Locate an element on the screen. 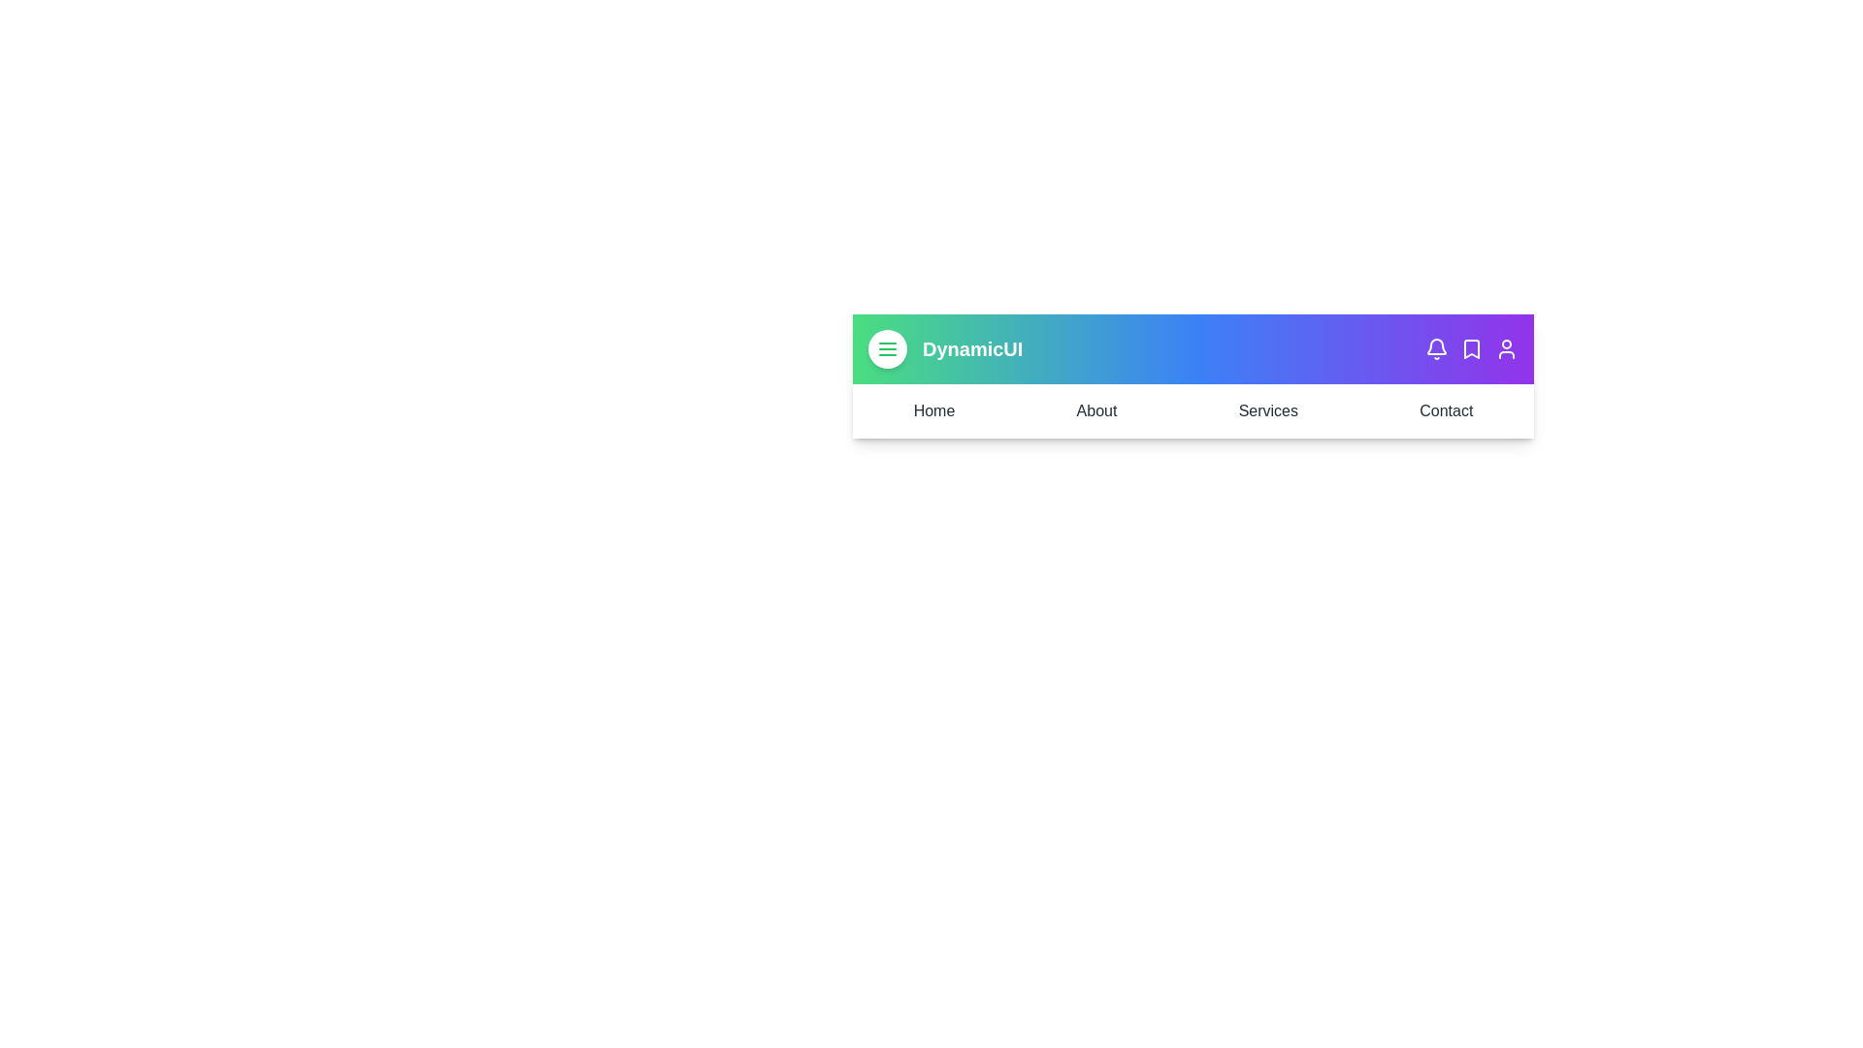  the menu link labeled Home is located at coordinates (933, 410).